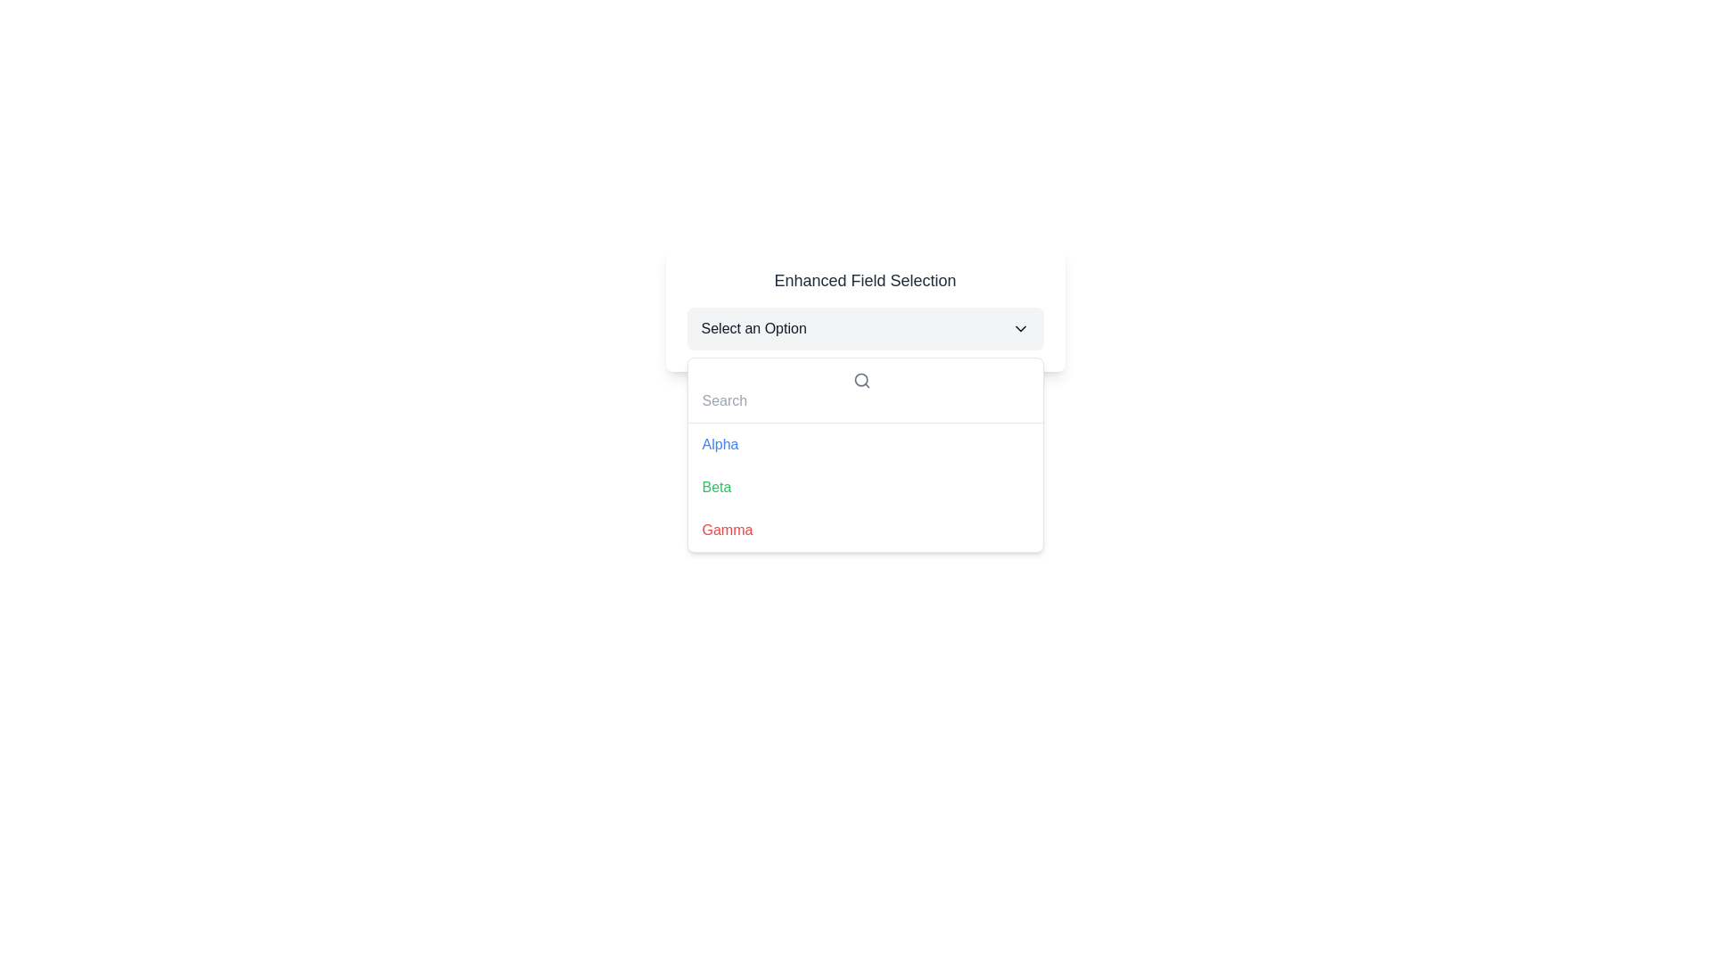  Describe the element at coordinates (753, 329) in the screenshot. I see `the 'Select an Option' text label within the drop-down menu, which is styled with a simple font and has a light gray background` at that location.